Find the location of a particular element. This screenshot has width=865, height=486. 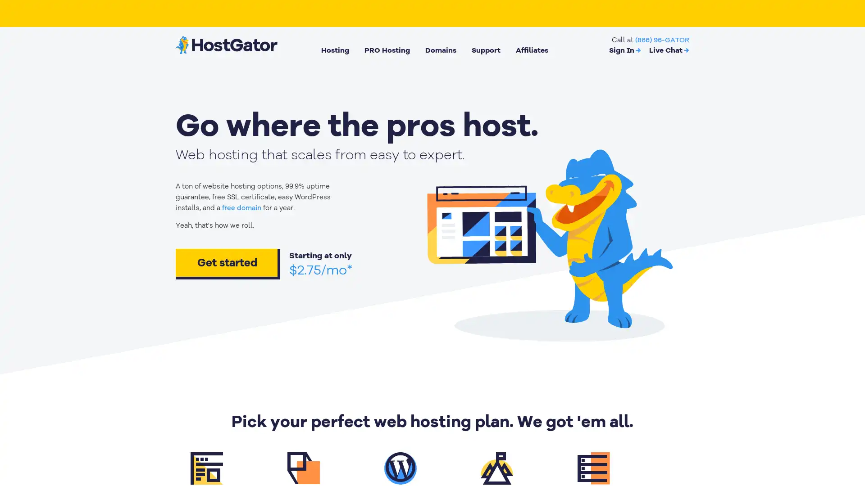

Got It is located at coordinates (91, 427).